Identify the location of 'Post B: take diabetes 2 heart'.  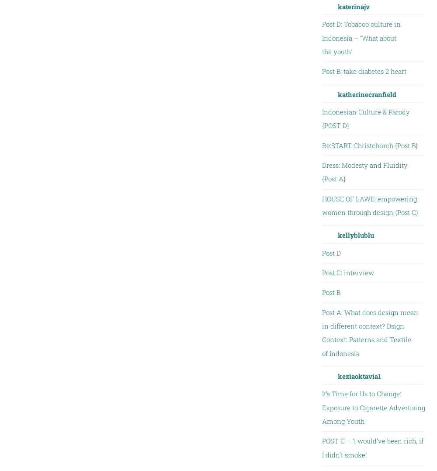
(363, 70).